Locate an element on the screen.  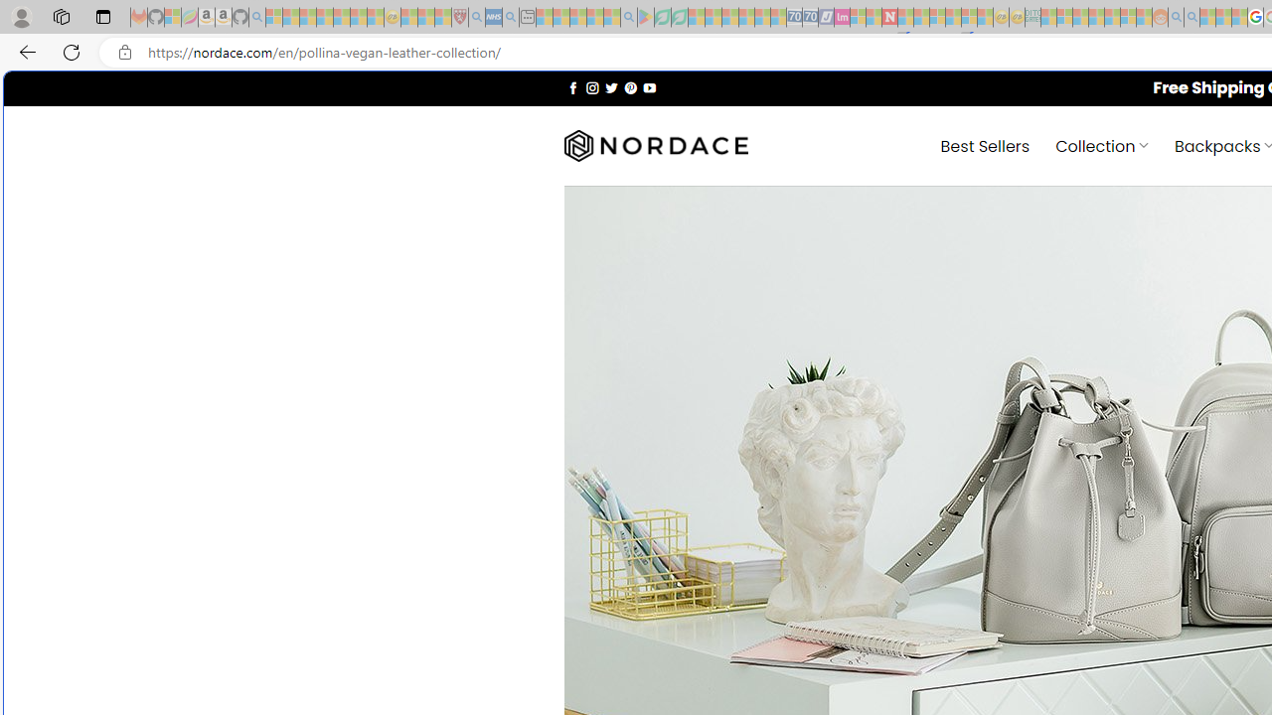
'Follow on YouTube' is located at coordinates (649, 86).